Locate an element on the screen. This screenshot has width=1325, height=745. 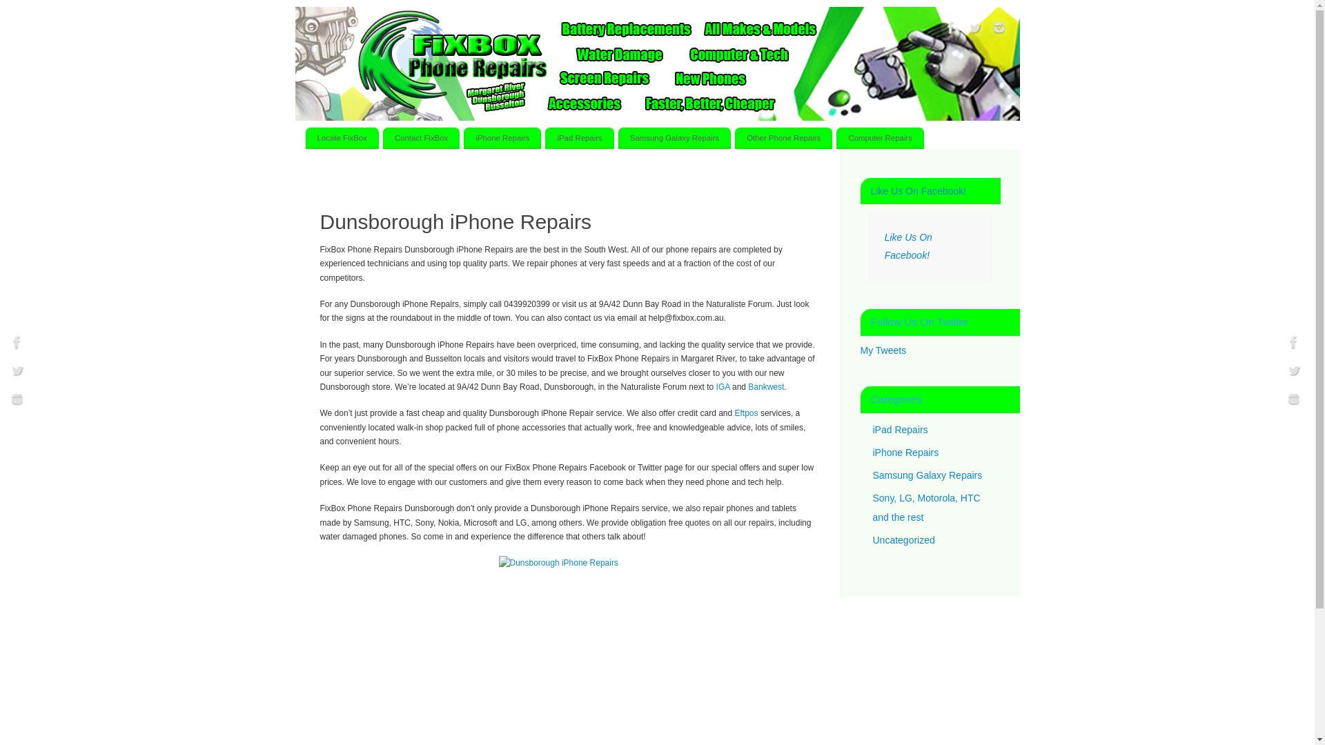
'Instagram' is located at coordinates (1293, 401).